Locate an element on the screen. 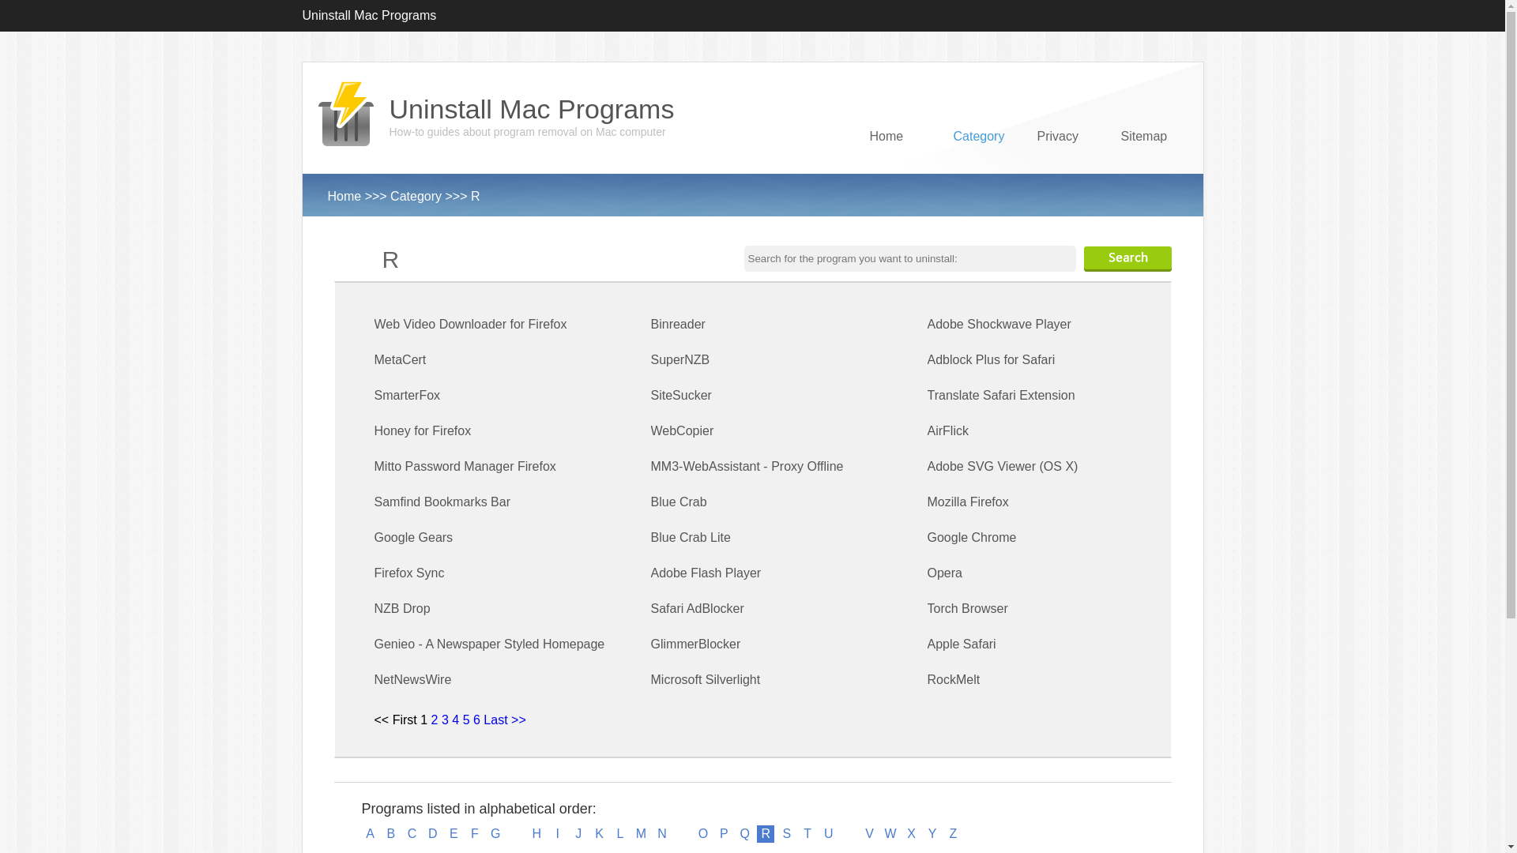 The image size is (1517, 853). 'B' is located at coordinates (390, 833).